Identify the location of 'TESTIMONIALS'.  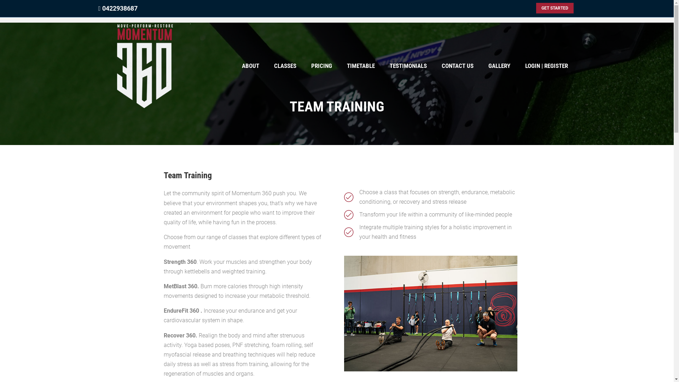
(408, 66).